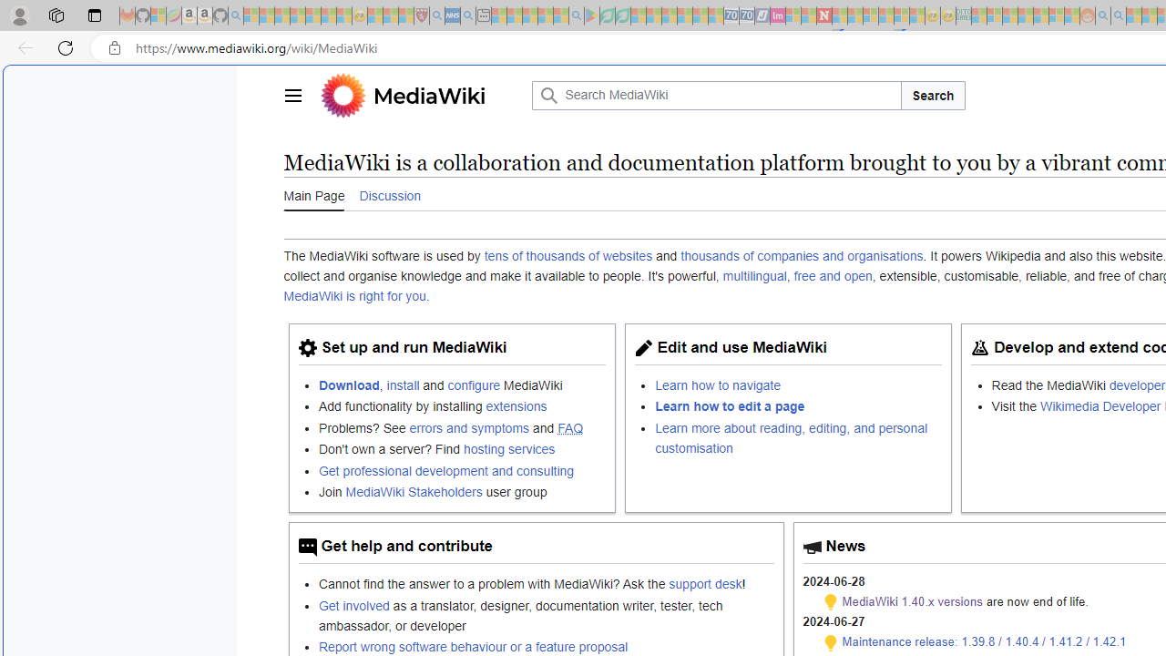 The height and width of the screenshot is (656, 1166). I want to click on 'Download, install and configure MediaWiki', so click(462, 384).